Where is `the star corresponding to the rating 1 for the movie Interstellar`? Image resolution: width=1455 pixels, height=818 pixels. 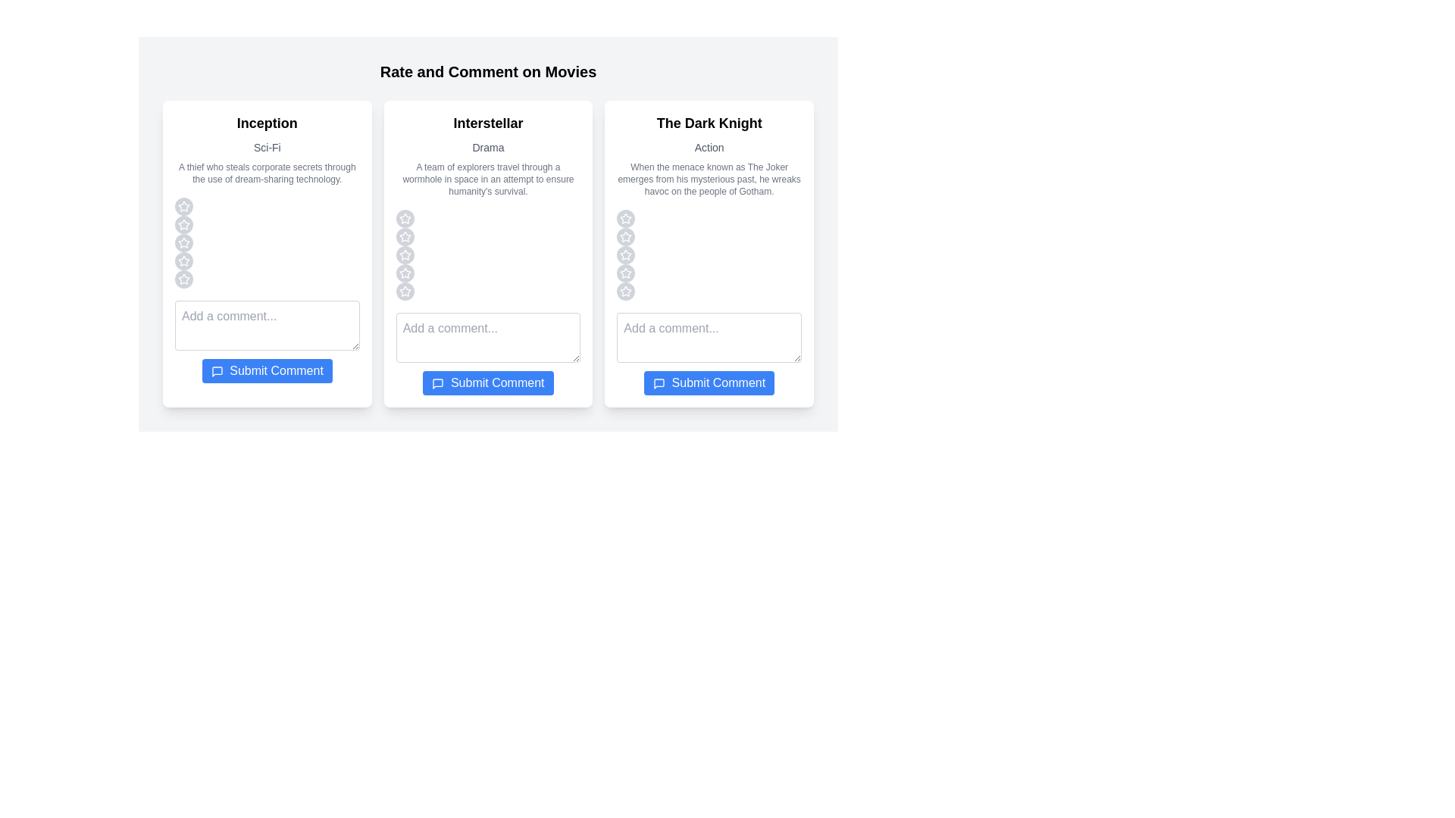 the star corresponding to the rating 1 for the movie Interstellar is located at coordinates (404, 219).